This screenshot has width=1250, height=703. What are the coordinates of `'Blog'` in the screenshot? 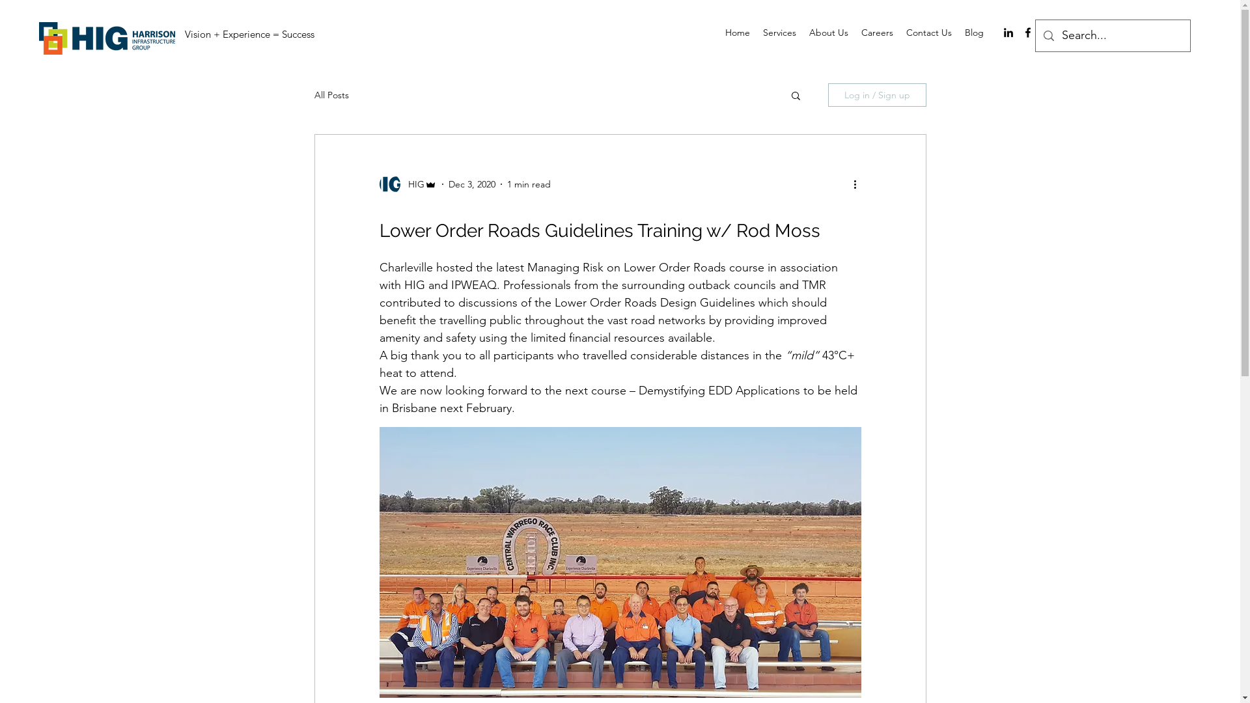 It's located at (958, 32).